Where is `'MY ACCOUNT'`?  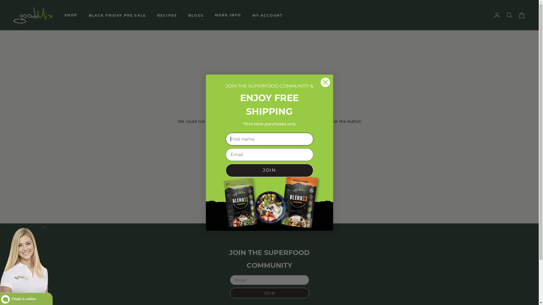 'MY ACCOUNT' is located at coordinates (267, 15).